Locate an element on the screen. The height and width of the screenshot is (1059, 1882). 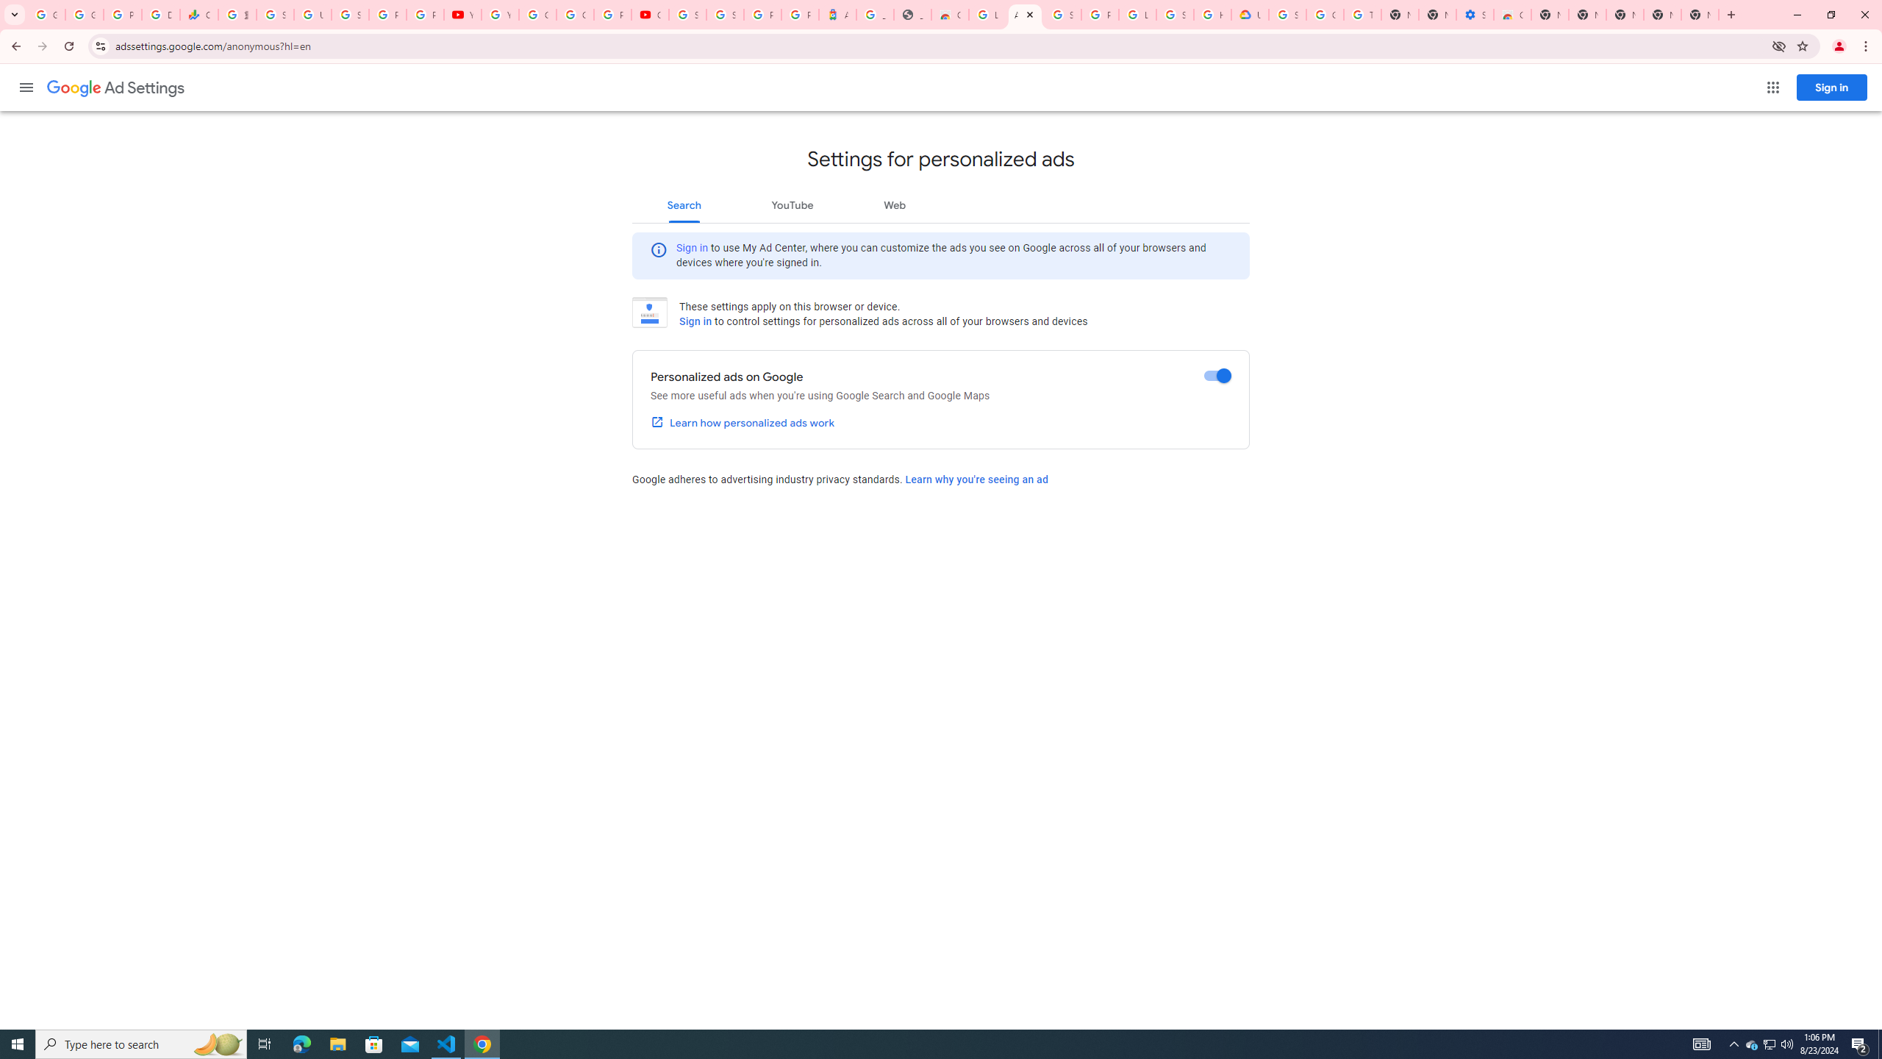
'Ad Settings' is located at coordinates (115, 88).